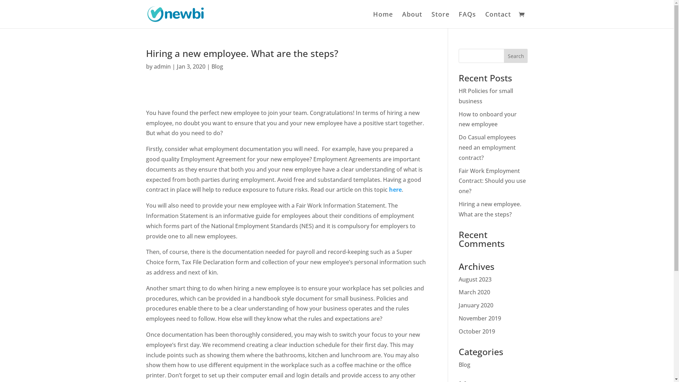 This screenshot has width=679, height=382. What do you see at coordinates (395, 189) in the screenshot?
I see `'here'` at bounding box center [395, 189].